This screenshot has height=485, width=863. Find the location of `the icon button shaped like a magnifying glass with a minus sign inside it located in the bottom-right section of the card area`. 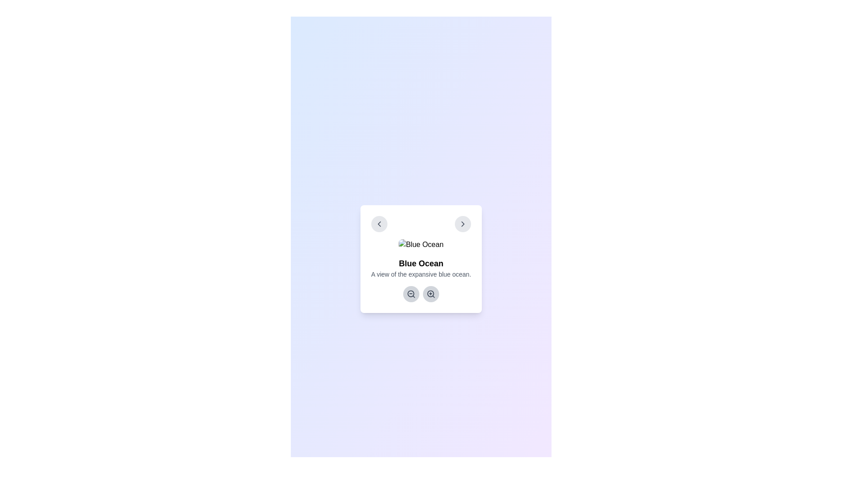

the icon button shaped like a magnifying glass with a minus sign inside it located in the bottom-right section of the card area is located at coordinates (411, 294).